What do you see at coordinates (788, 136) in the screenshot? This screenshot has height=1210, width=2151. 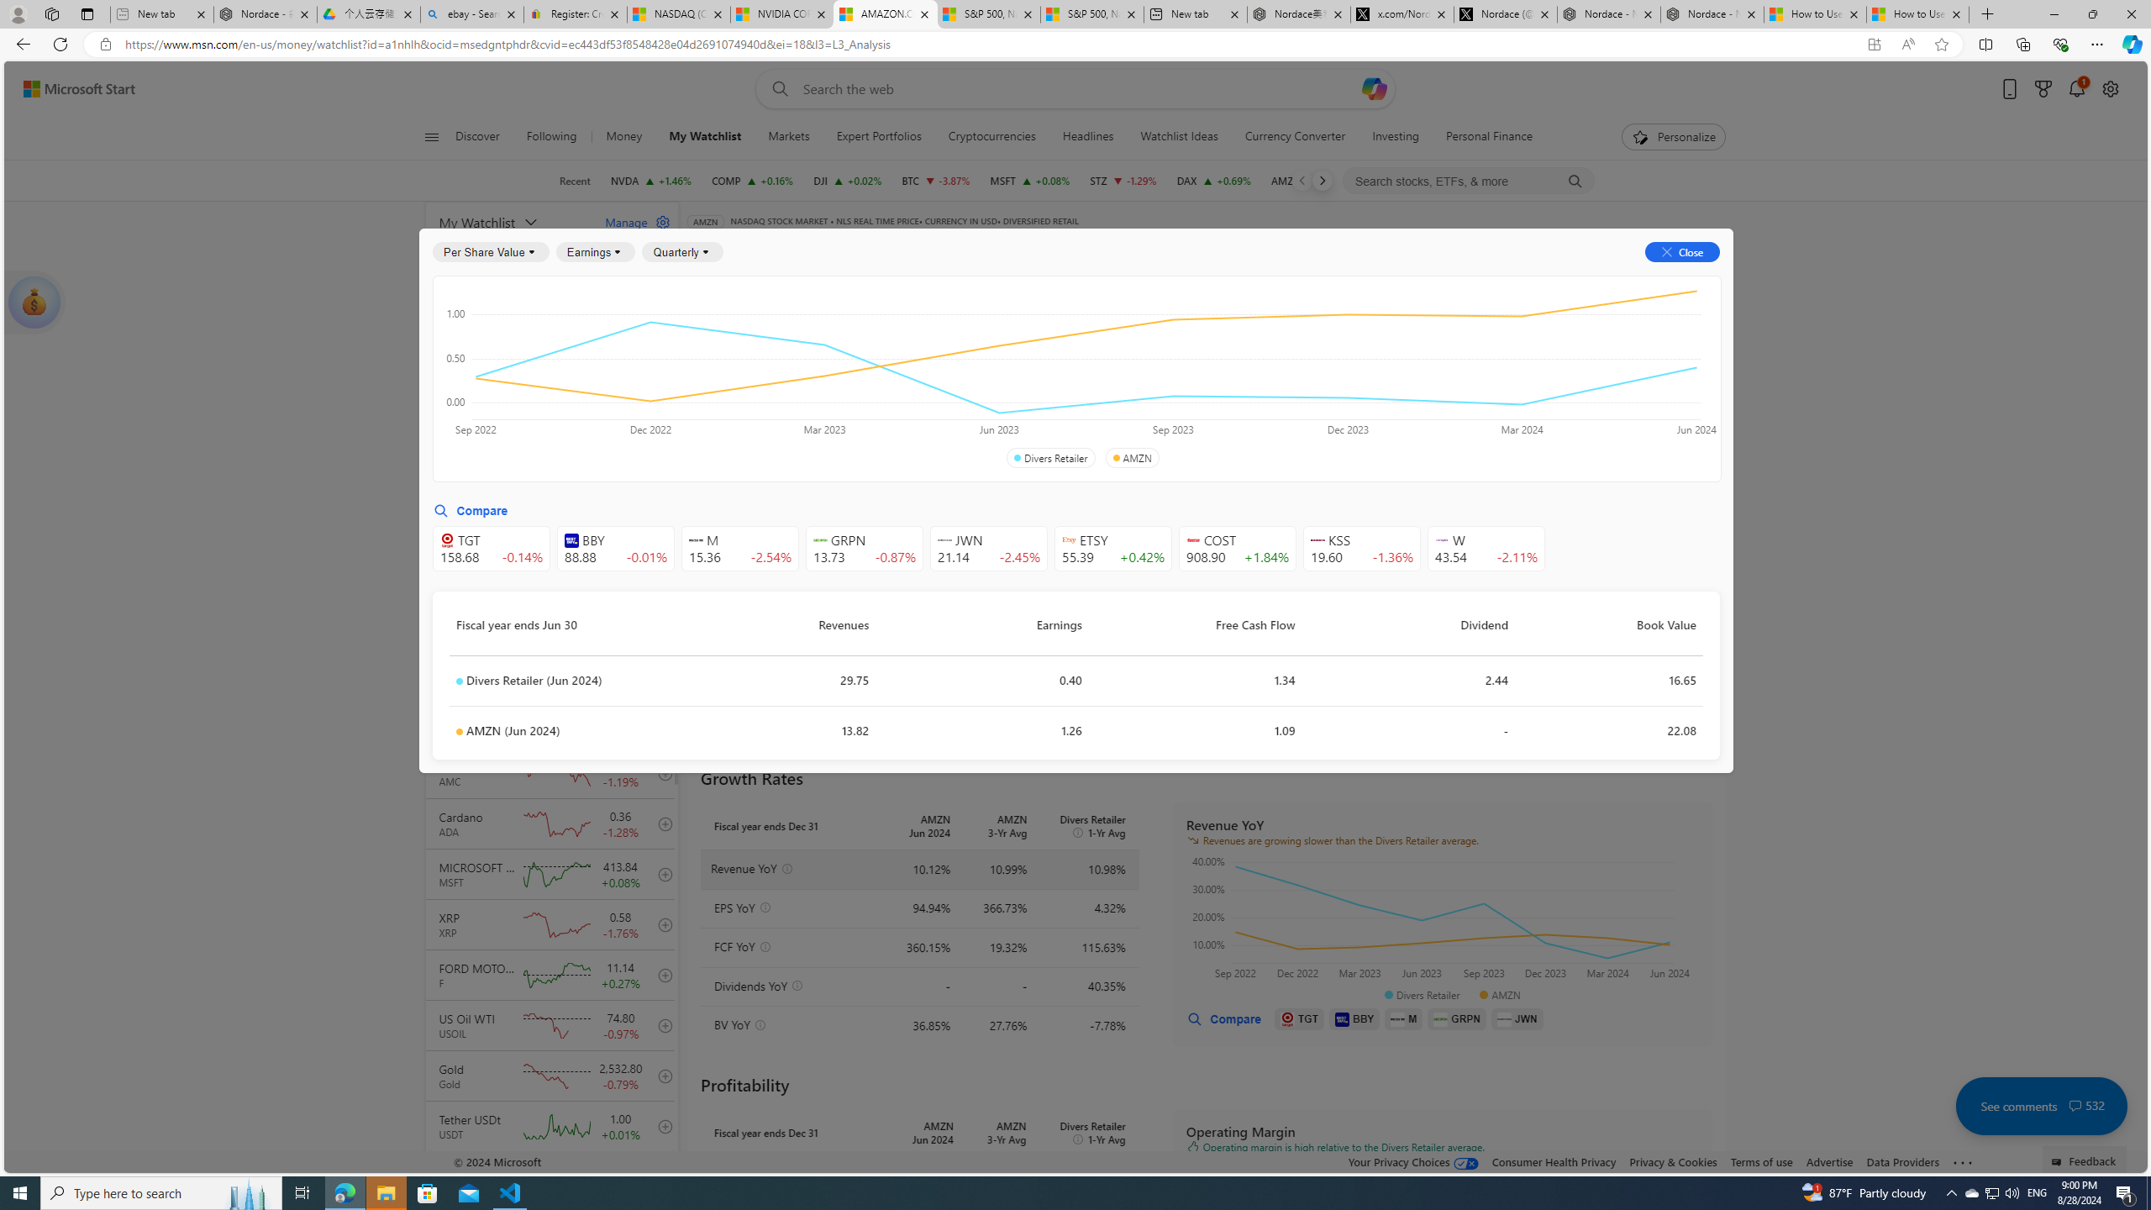 I see `'Markets'` at bounding box center [788, 136].